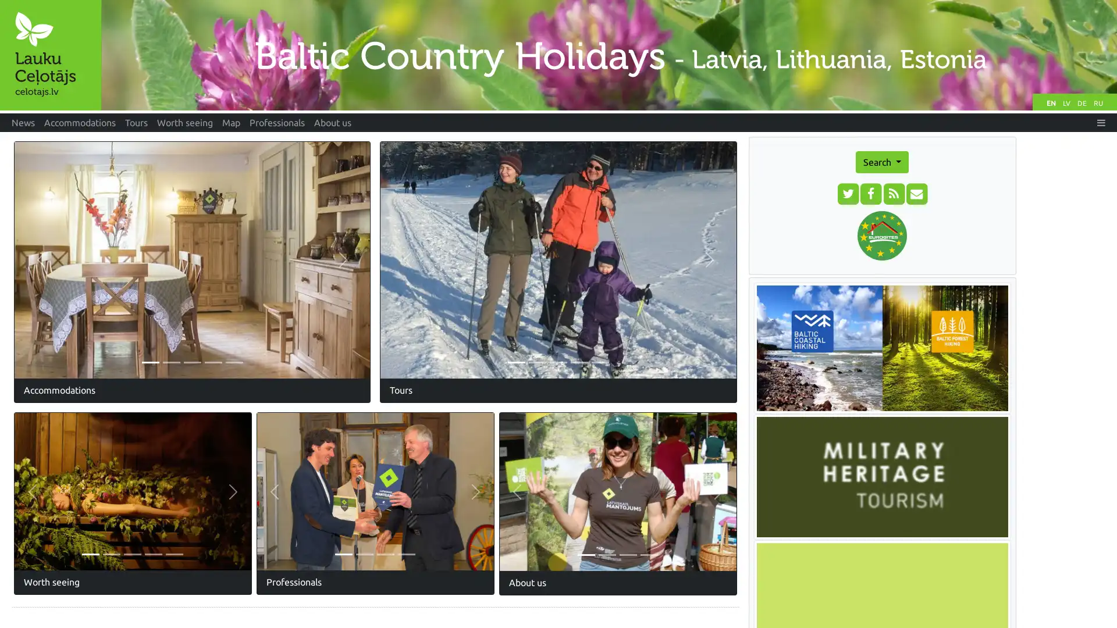  Describe the element at coordinates (475, 491) in the screenshot. I see `Next` at that location.